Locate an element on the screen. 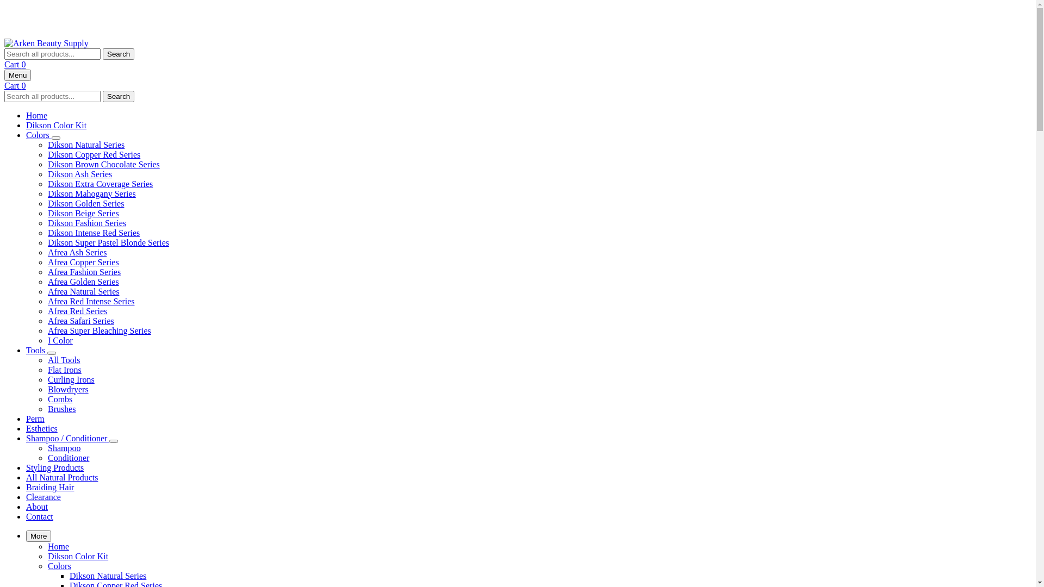  'Curling Irons' is located at coordinates (70, 379).